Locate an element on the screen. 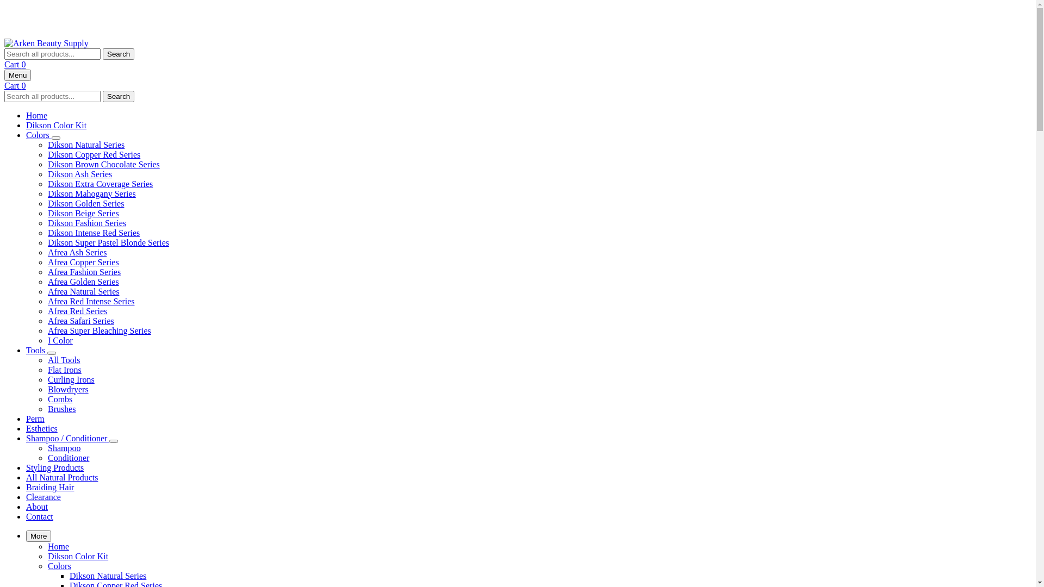  'Curling Irons' is located at coordinates (70, 379).